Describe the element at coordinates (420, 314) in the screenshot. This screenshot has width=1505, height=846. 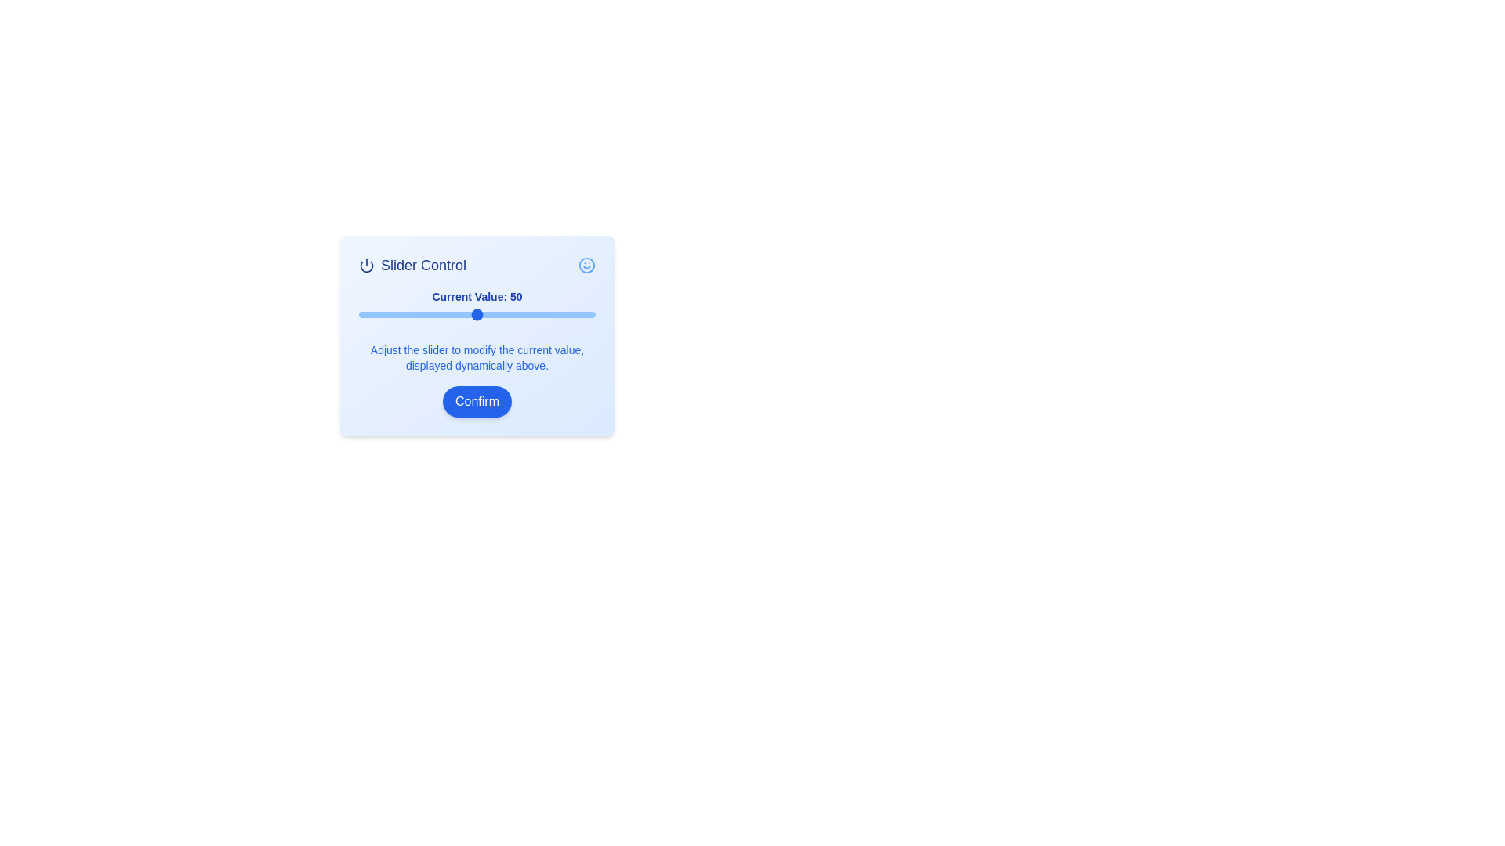
I see `the slider value` at that location.